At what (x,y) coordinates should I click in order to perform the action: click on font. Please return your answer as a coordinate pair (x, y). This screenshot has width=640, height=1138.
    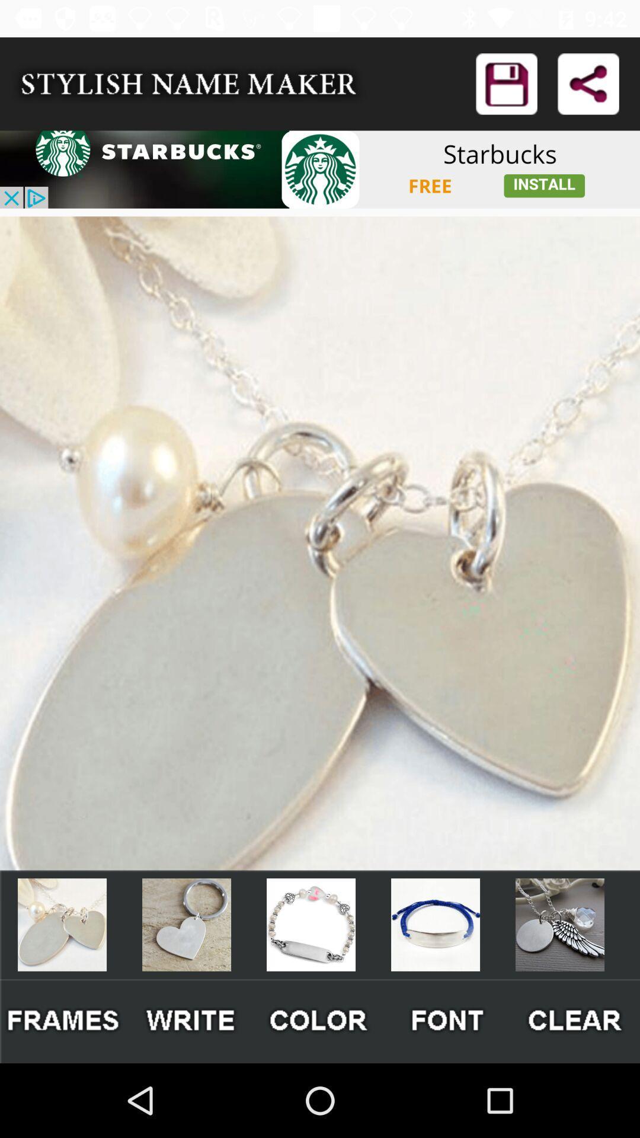
    Looking at the image, I should click on (448, 1021).